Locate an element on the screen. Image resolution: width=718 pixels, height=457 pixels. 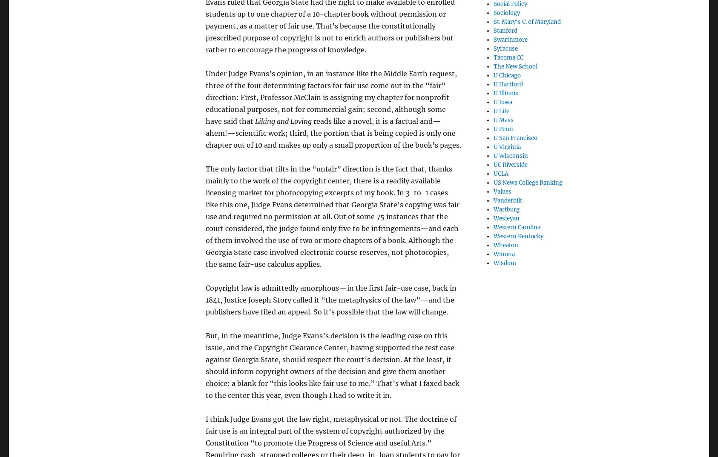
'Sociology' is located at coordinates (506, 12).